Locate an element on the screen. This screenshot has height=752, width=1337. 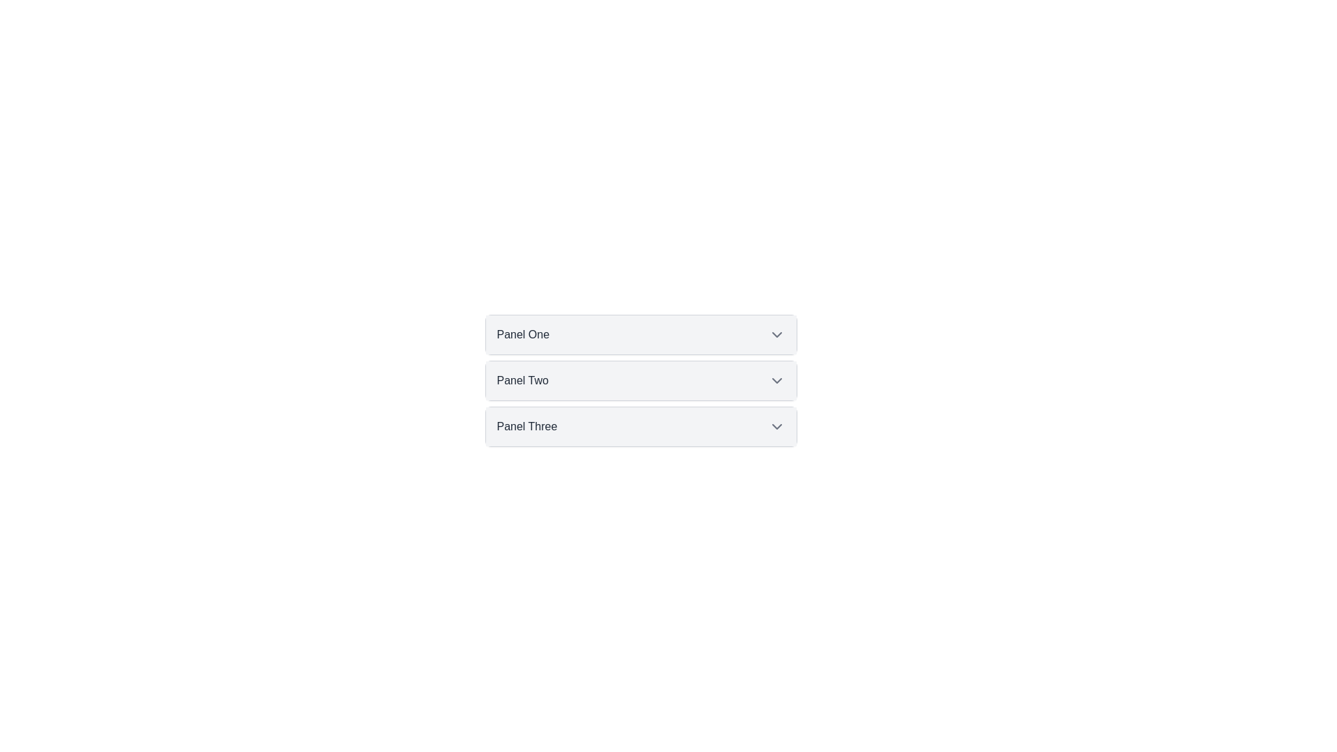
the toggle button located at the far right of the 'Panel One' header is located at coordinates (776, 335).